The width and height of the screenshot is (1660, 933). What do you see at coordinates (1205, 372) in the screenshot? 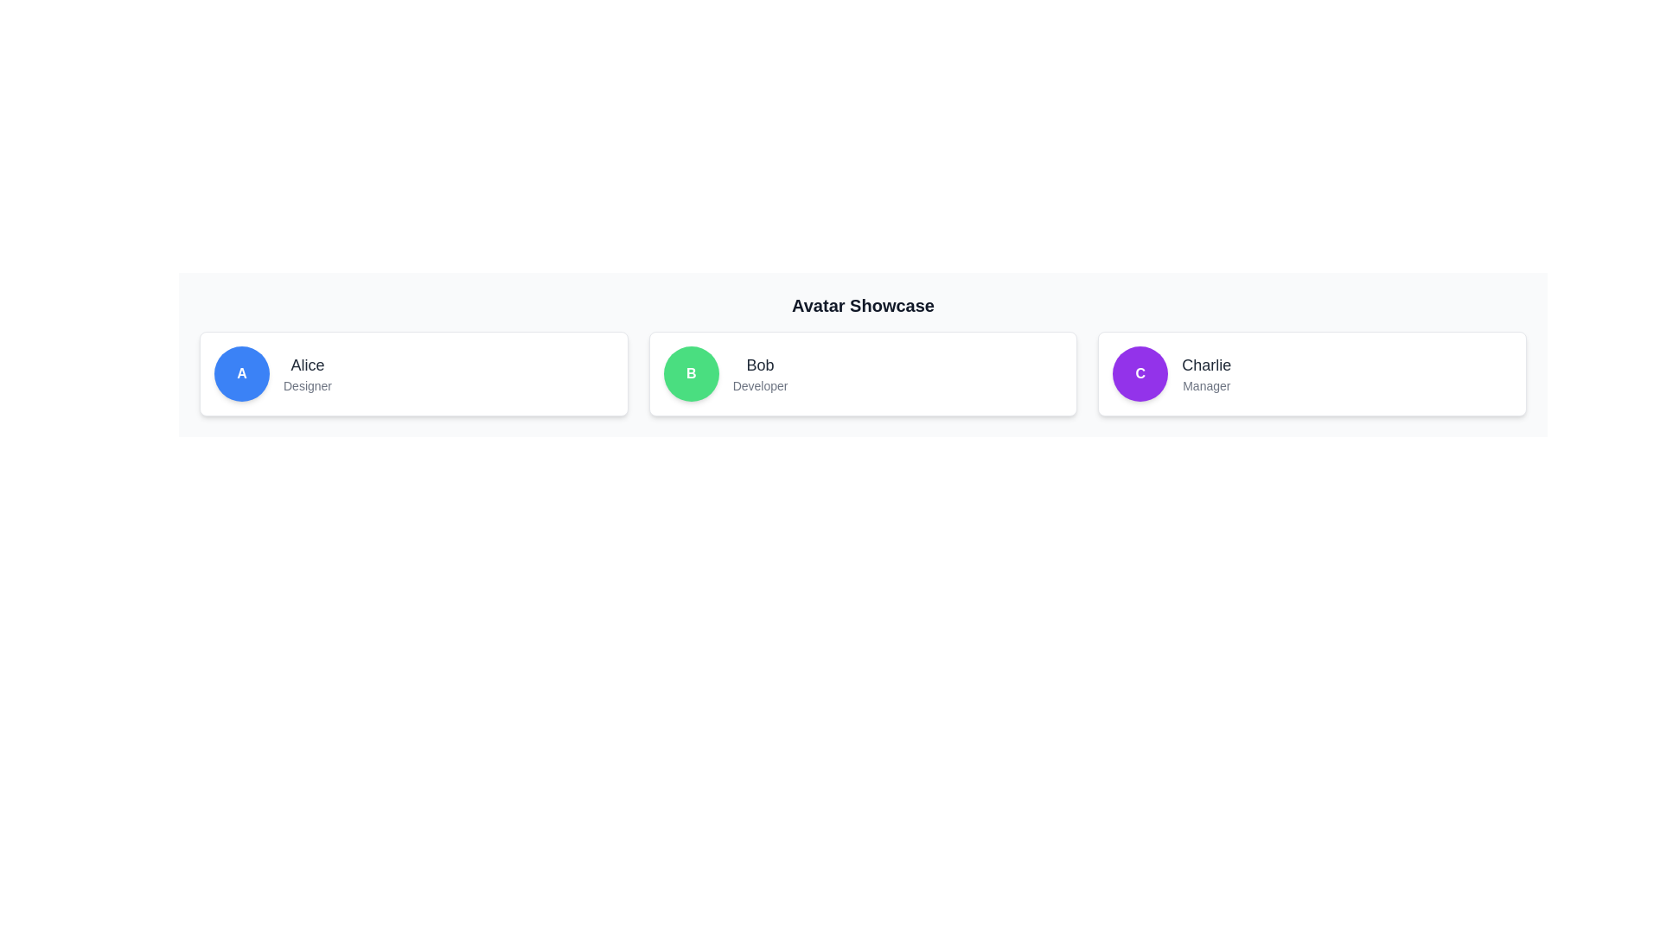
I see `the composite text display that identifies the person named 'Charlie' with the designation 'Manager', located to the right of the circular avatar in the third card of the 'Avatar Showcase'` at bounding box center [1205, 372].